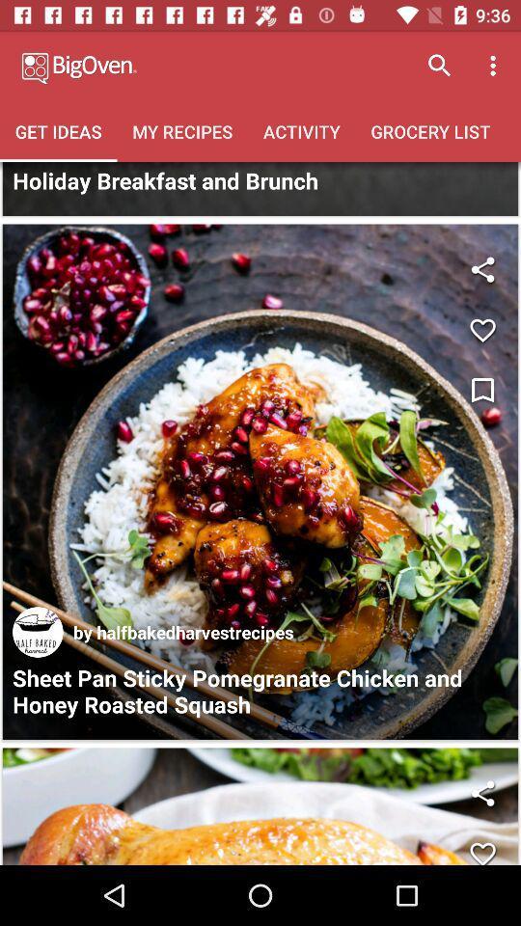  What do you see at coordinates (38, 631) in the screenshot?
I see `author 's profile` at bounding box center [38, 631].